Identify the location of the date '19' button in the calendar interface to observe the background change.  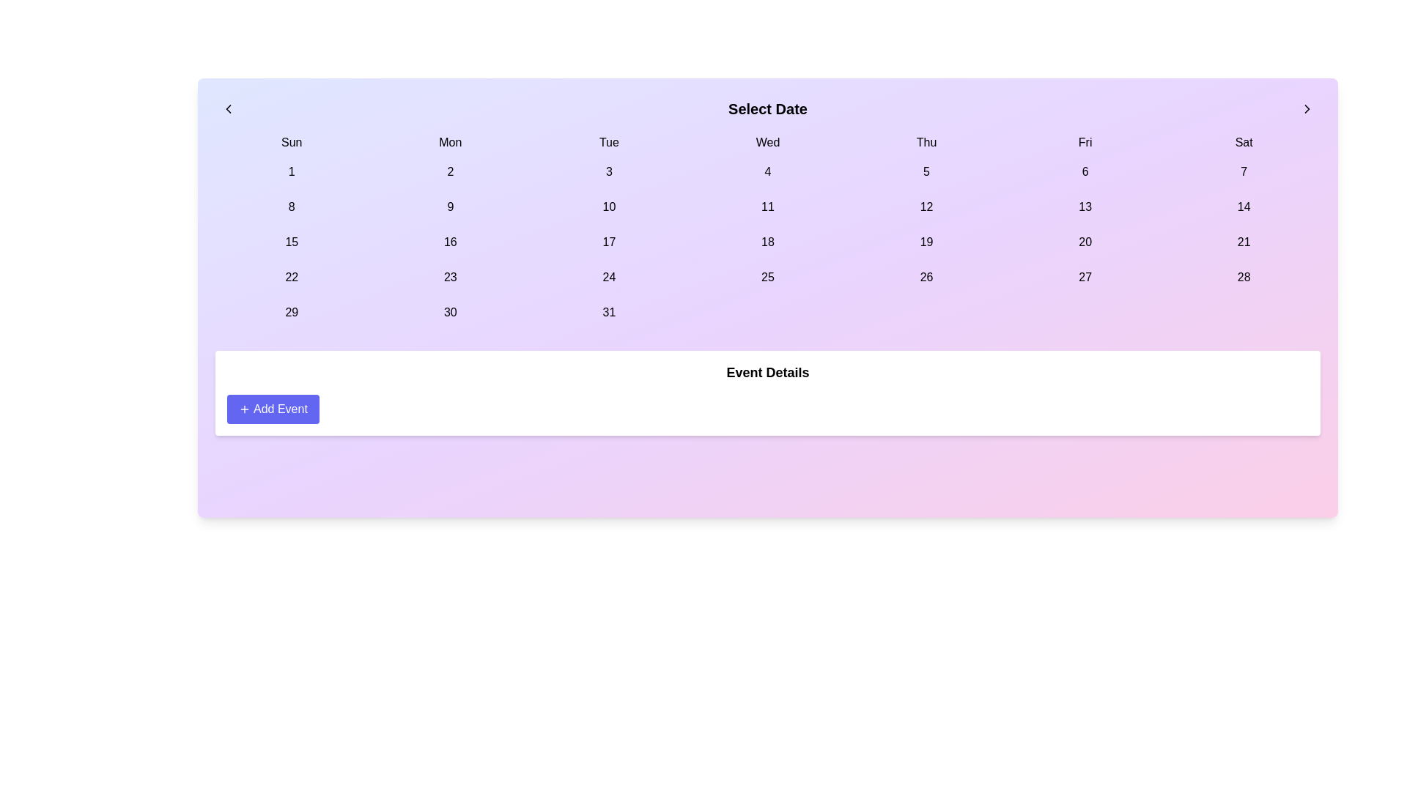
(926, 242).